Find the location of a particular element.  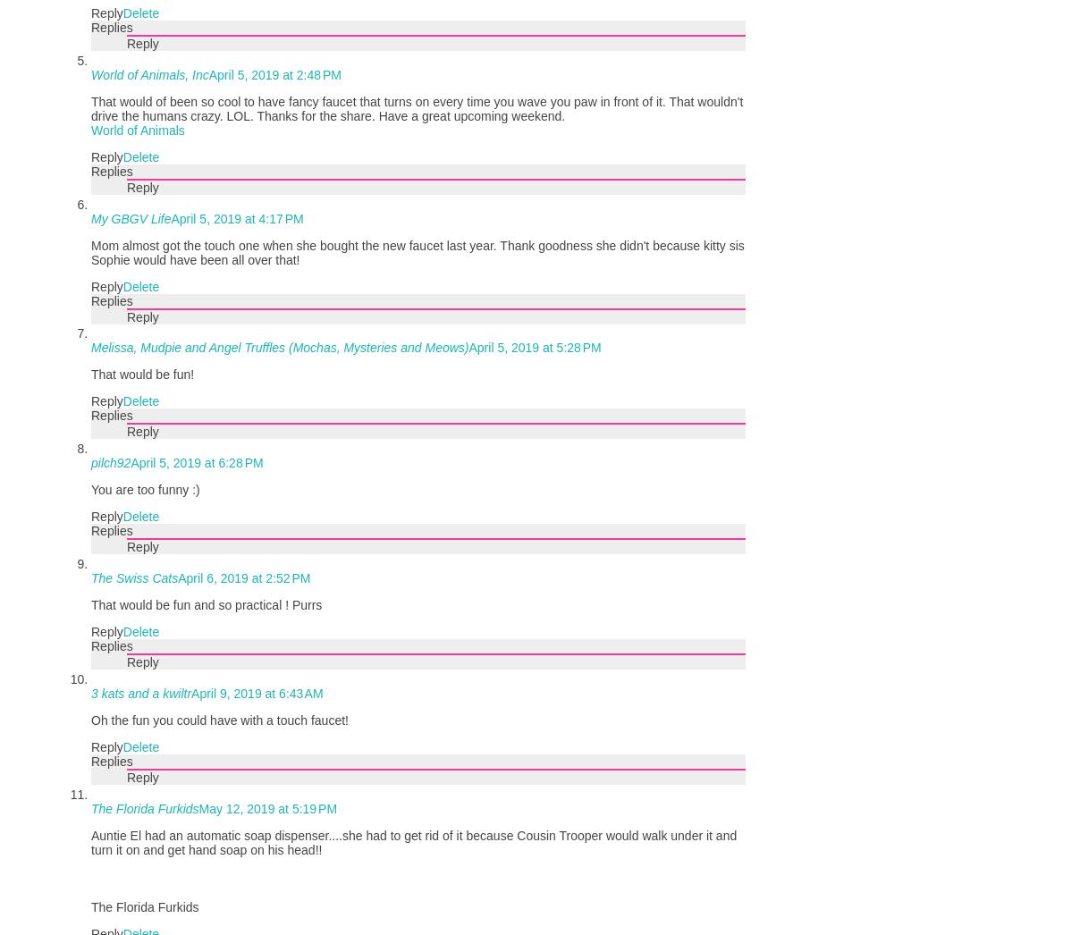

'The Swiss Cats' is located at coordinates (133, 577).